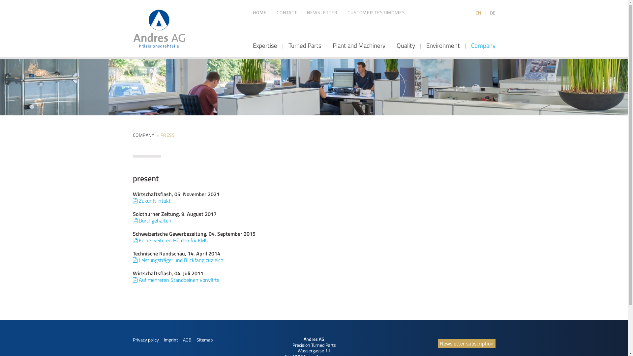 The height and width of the screenshot is (356, 633). I want to click on 'CONTACT', so click(286, 13).